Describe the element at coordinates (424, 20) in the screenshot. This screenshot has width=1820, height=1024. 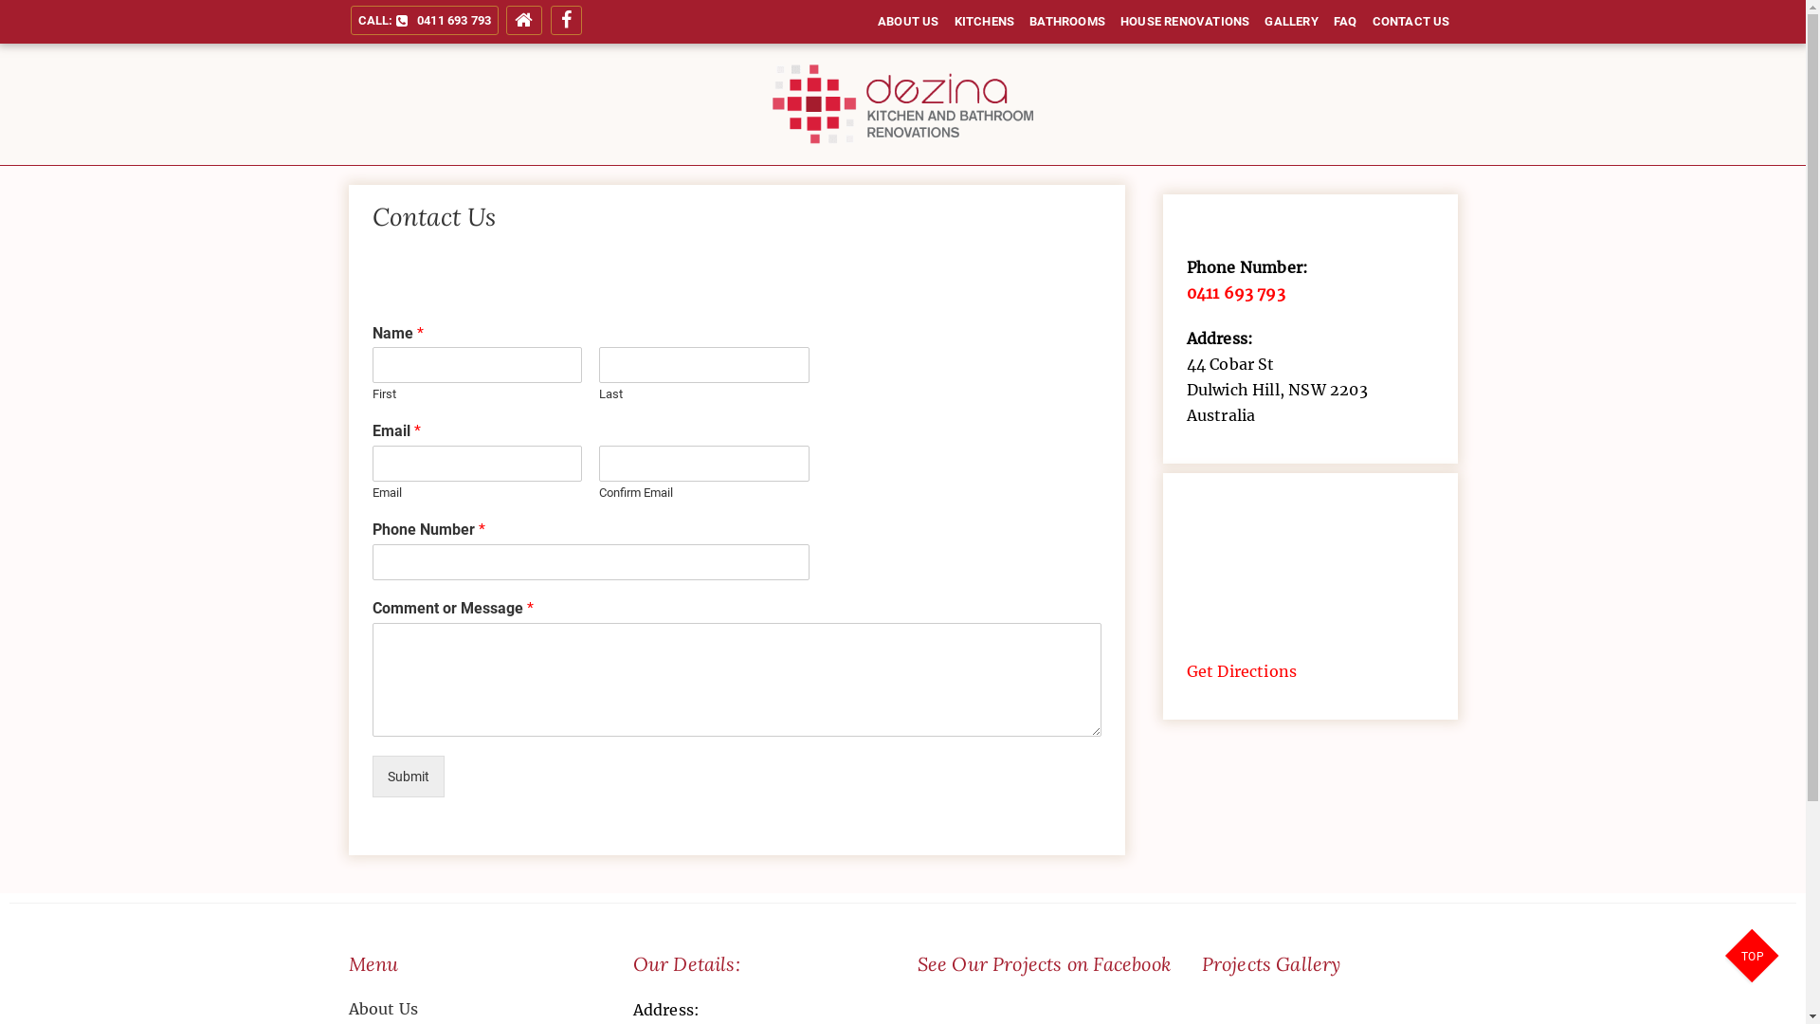
I see `'CALL: 0411 693 793'` at that location.